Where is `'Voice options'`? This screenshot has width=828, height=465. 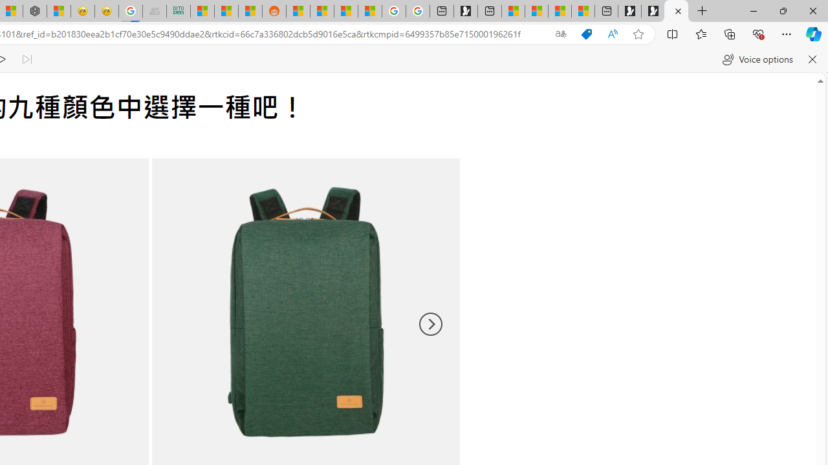
'Voice options' is located at coordinates (757, 59).